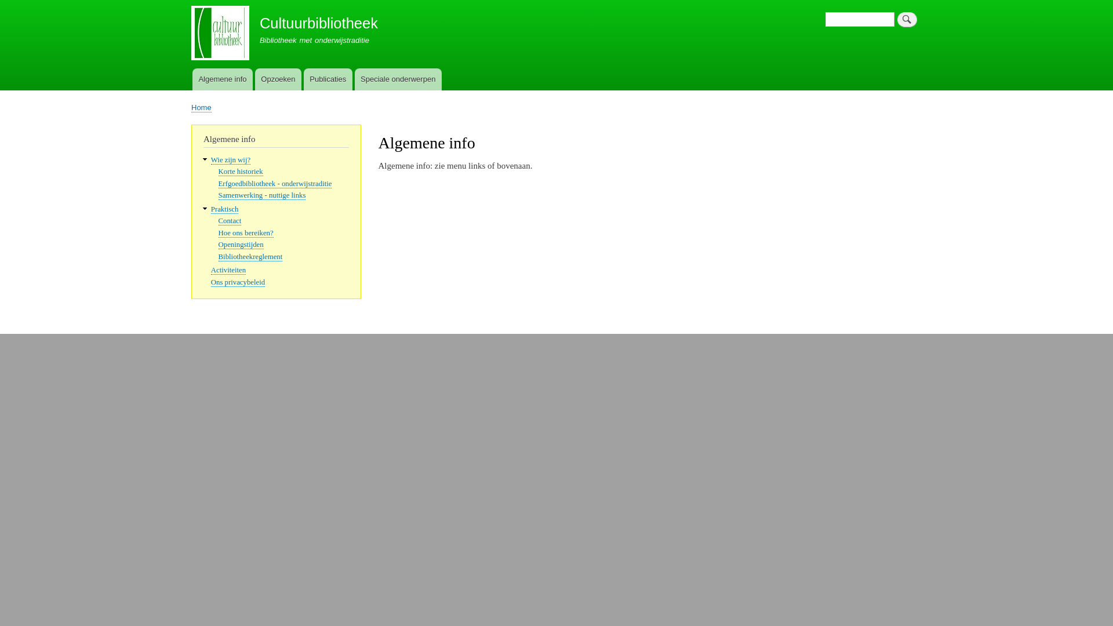 This screenshot has width=1113, height=626. Describe the element at coordinates (275, 183) in the screenshot. I see `'Erfgoedbibliotheek - onderwijstraditie'` at that location.